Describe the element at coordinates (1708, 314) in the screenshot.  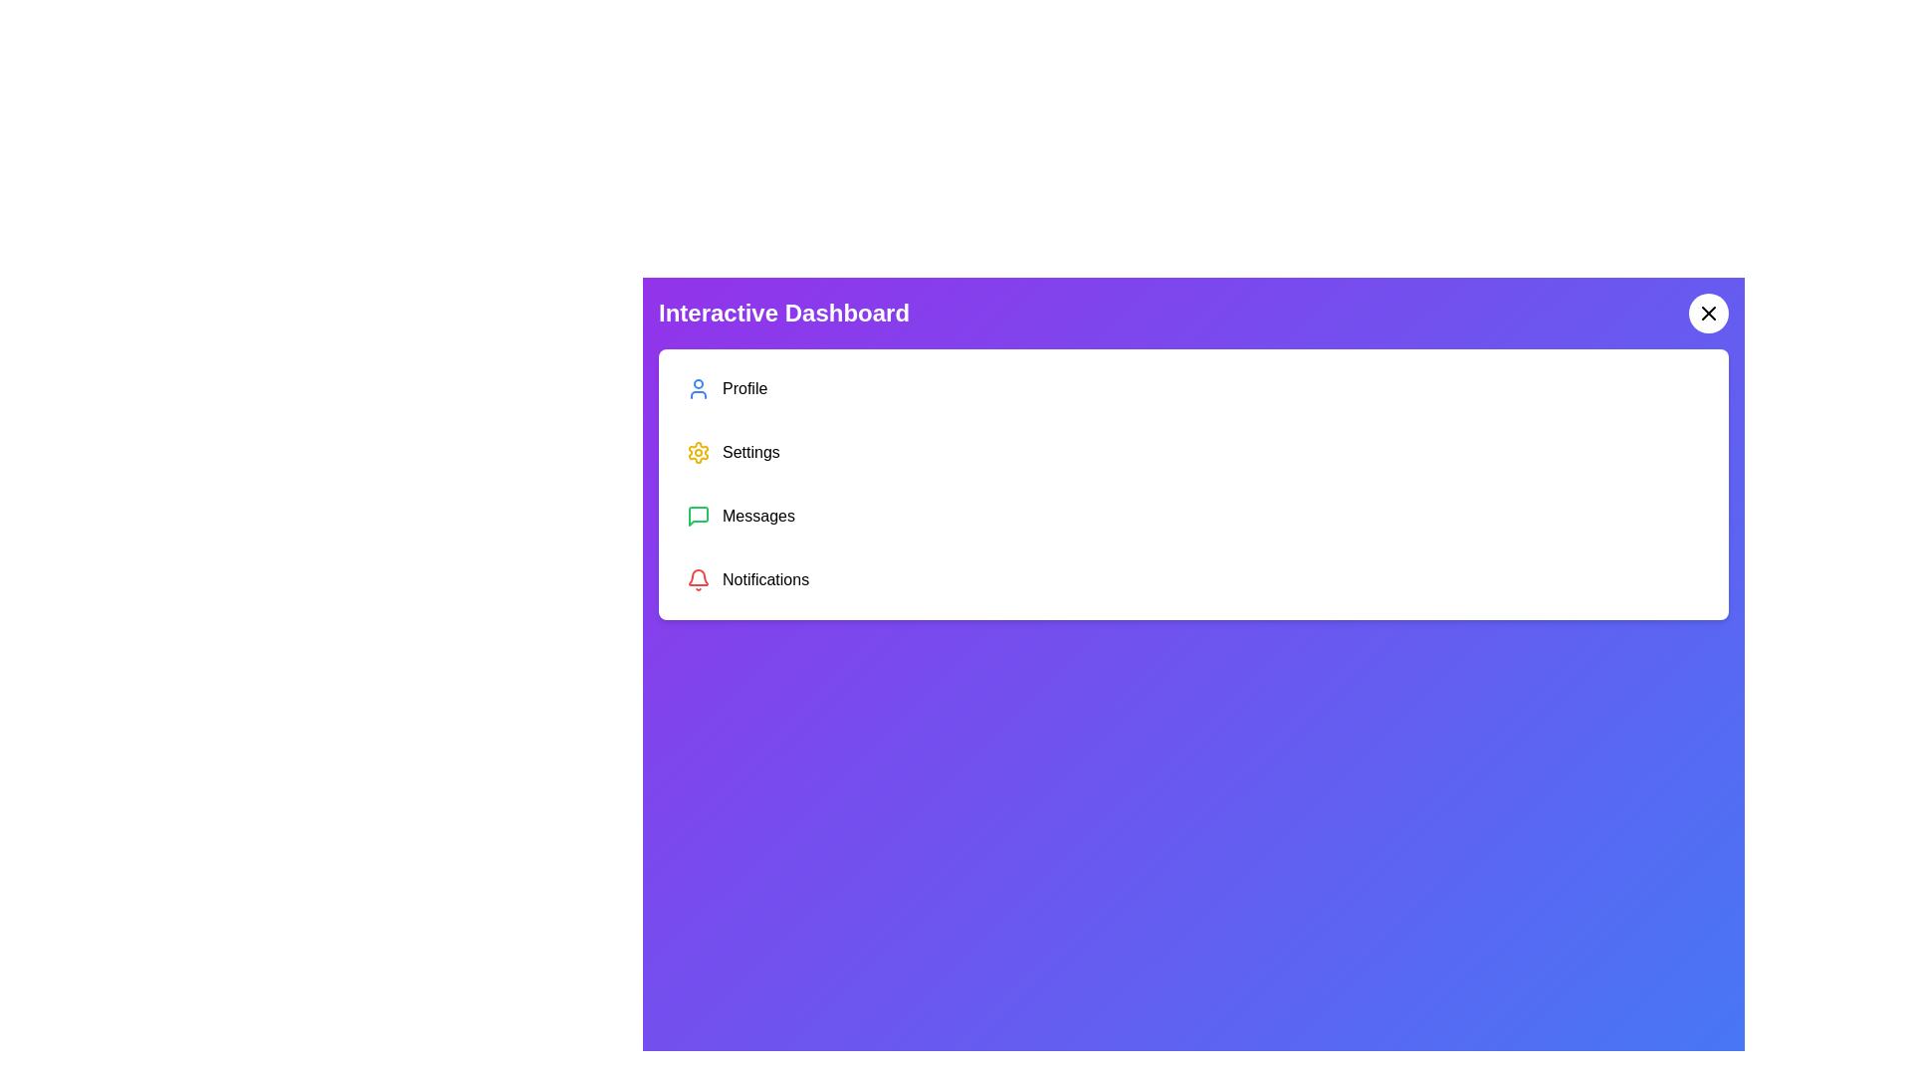
I see `the close button located in the top-right corner of the purple header, adjacent to the title 'Interactive Dashboard', to observe the hover effect` at that location.